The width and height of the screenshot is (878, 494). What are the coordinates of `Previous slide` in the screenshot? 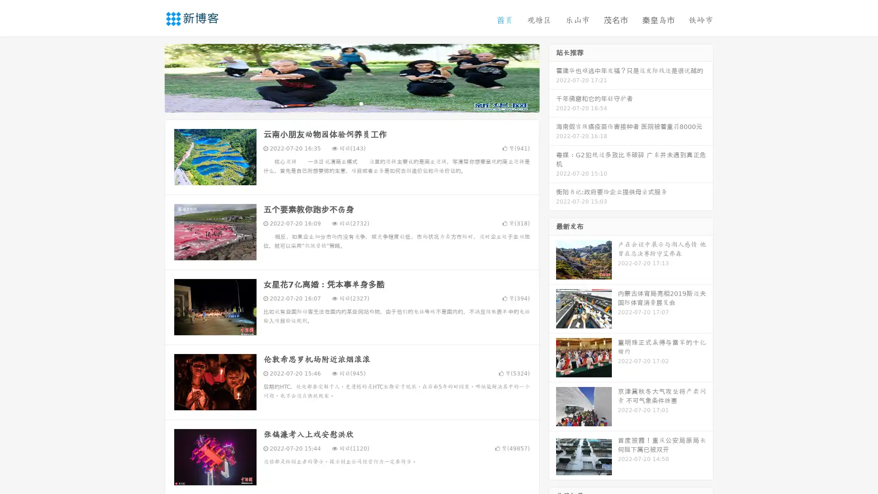 It's located at (151, 77).